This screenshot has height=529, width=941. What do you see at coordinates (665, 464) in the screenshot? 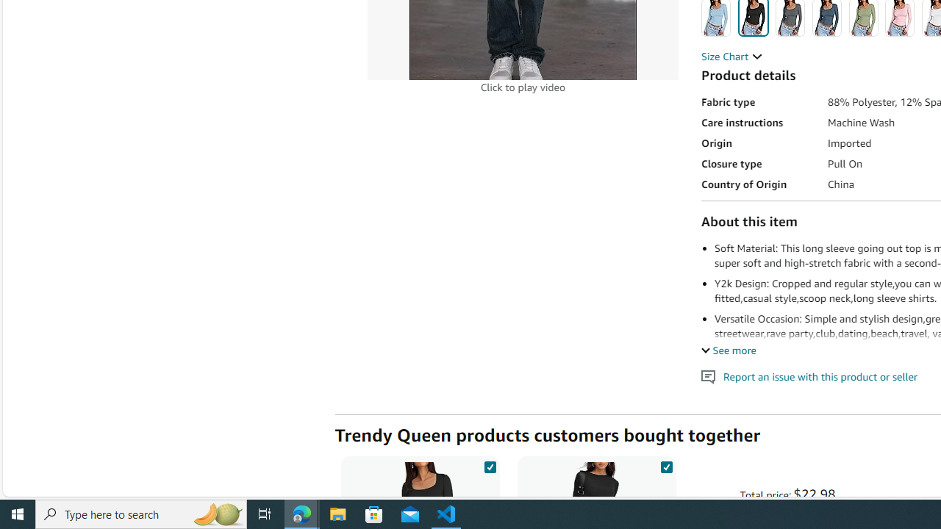
I see `'AutomationID: thematicBundleCheck-2'` at bounding box center [665, 464].